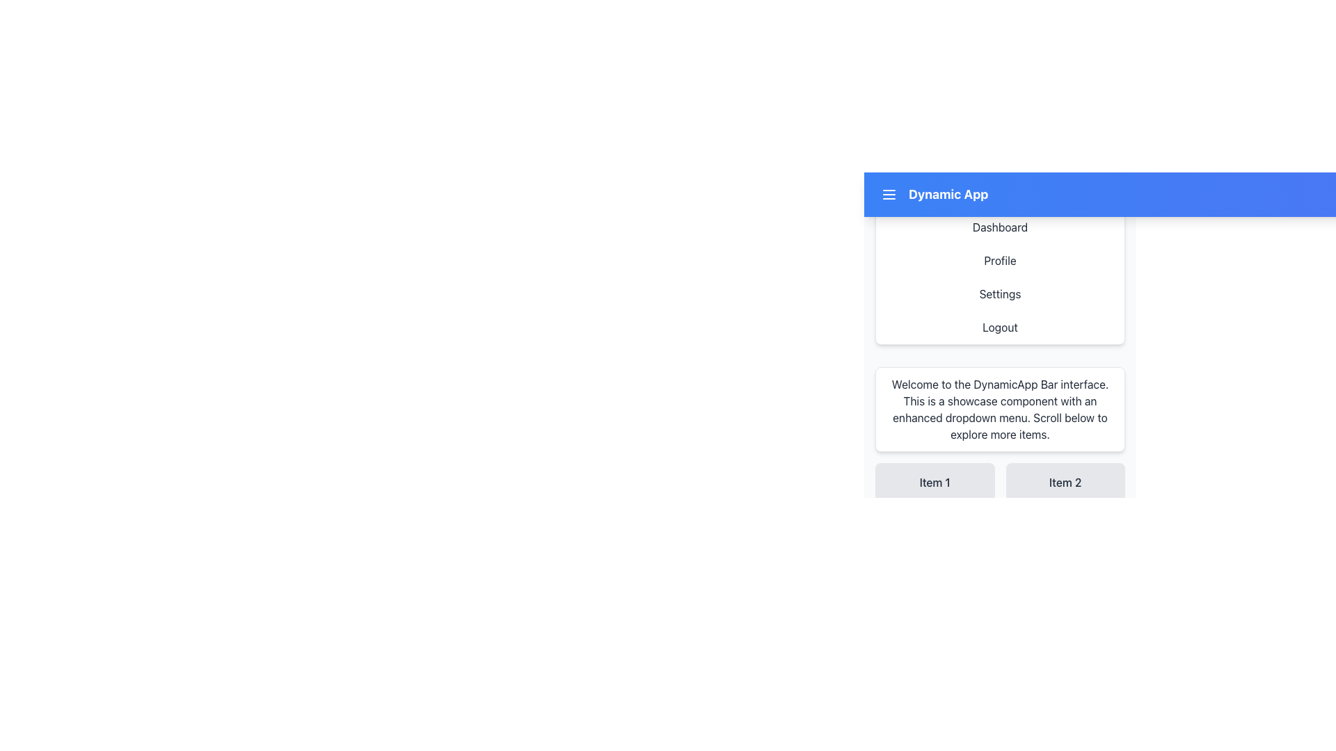 This screenshot has height=751, width=1336. I want to click on the header title text label at the top center of the interface, which provides branding and context for the application, so click(932, 195).